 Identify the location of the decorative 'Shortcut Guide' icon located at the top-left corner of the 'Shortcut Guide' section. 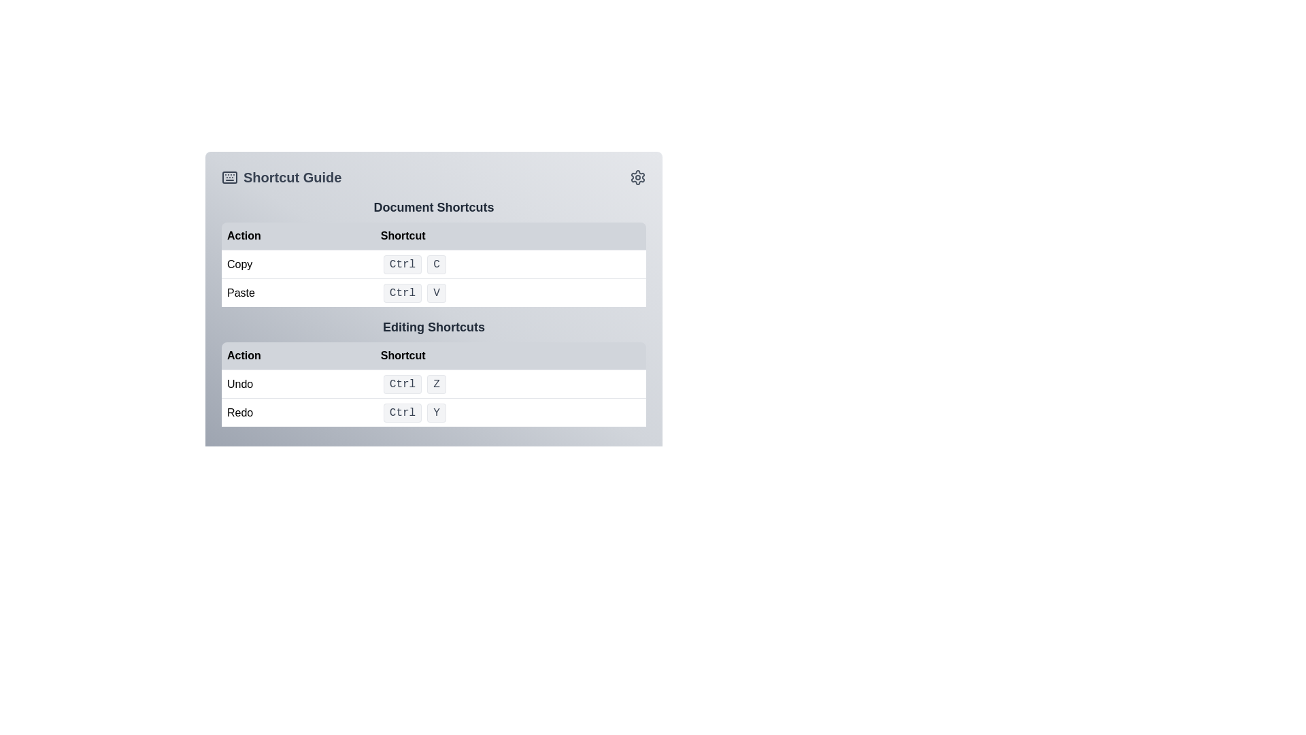
(229, 177).